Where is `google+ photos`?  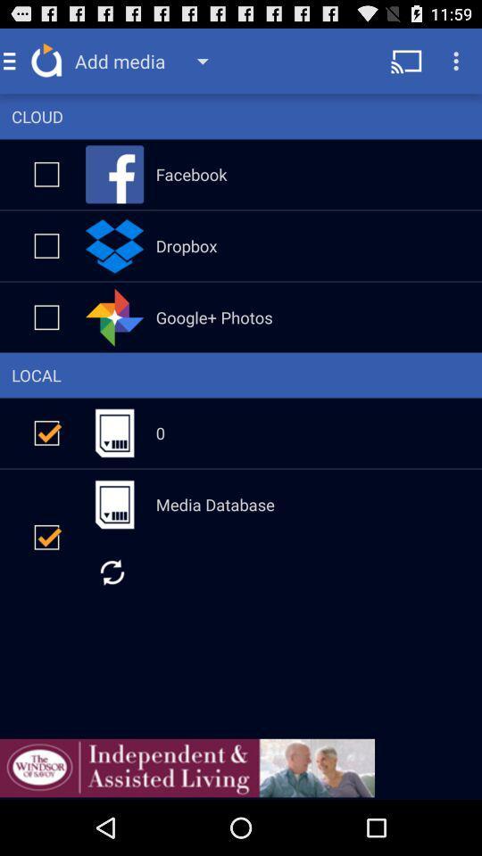
google+ photos is located at coordinates (46, 317).